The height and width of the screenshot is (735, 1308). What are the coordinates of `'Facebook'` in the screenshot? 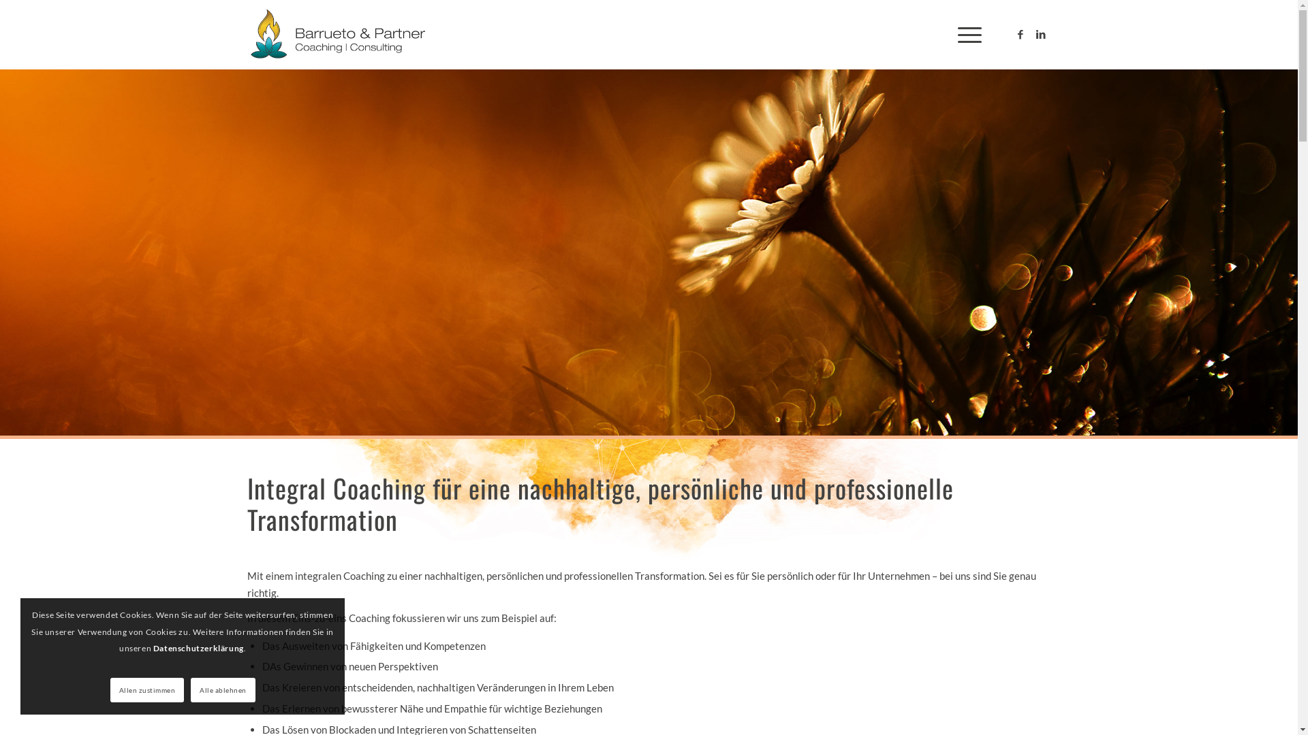 It's located at (1020, 33).